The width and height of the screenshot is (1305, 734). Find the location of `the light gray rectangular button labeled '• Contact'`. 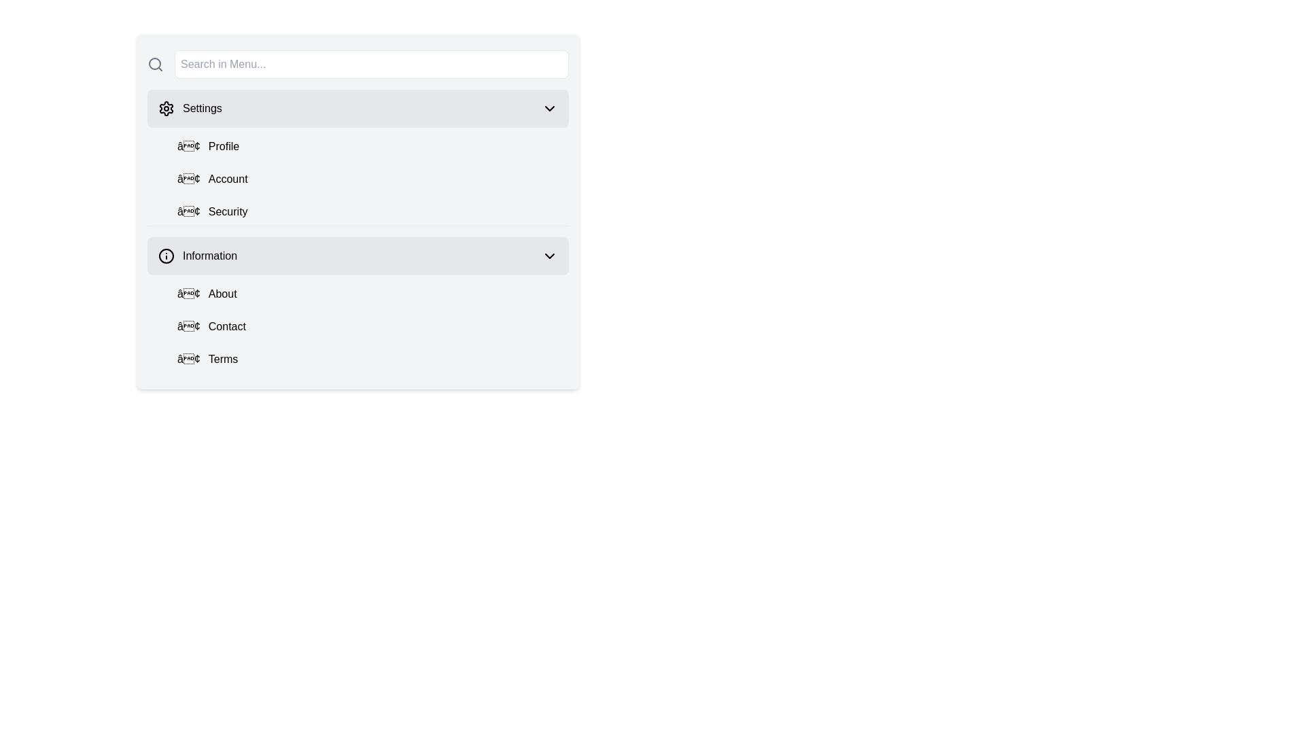

the light gray rectangular button labeled '• Contact' is located at coordinates (358, 327).